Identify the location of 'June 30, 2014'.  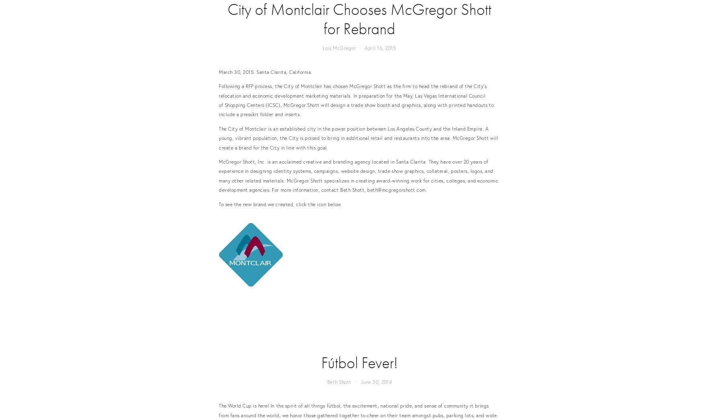
(376, 381).